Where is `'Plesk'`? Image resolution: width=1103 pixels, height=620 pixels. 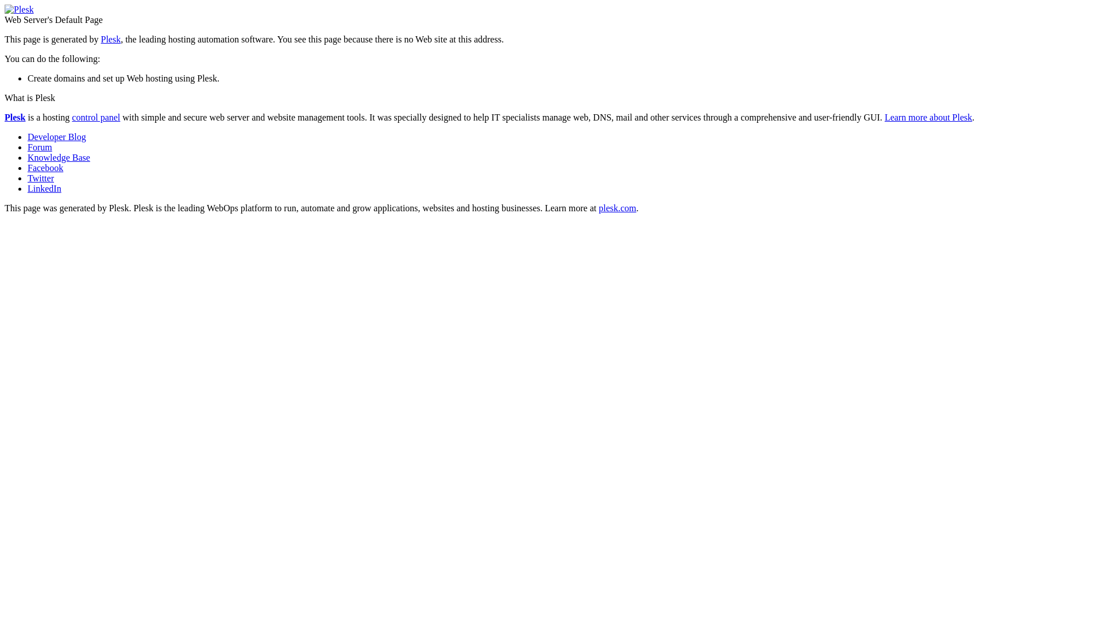 'Plesk' is located at coordinates (111, 38).